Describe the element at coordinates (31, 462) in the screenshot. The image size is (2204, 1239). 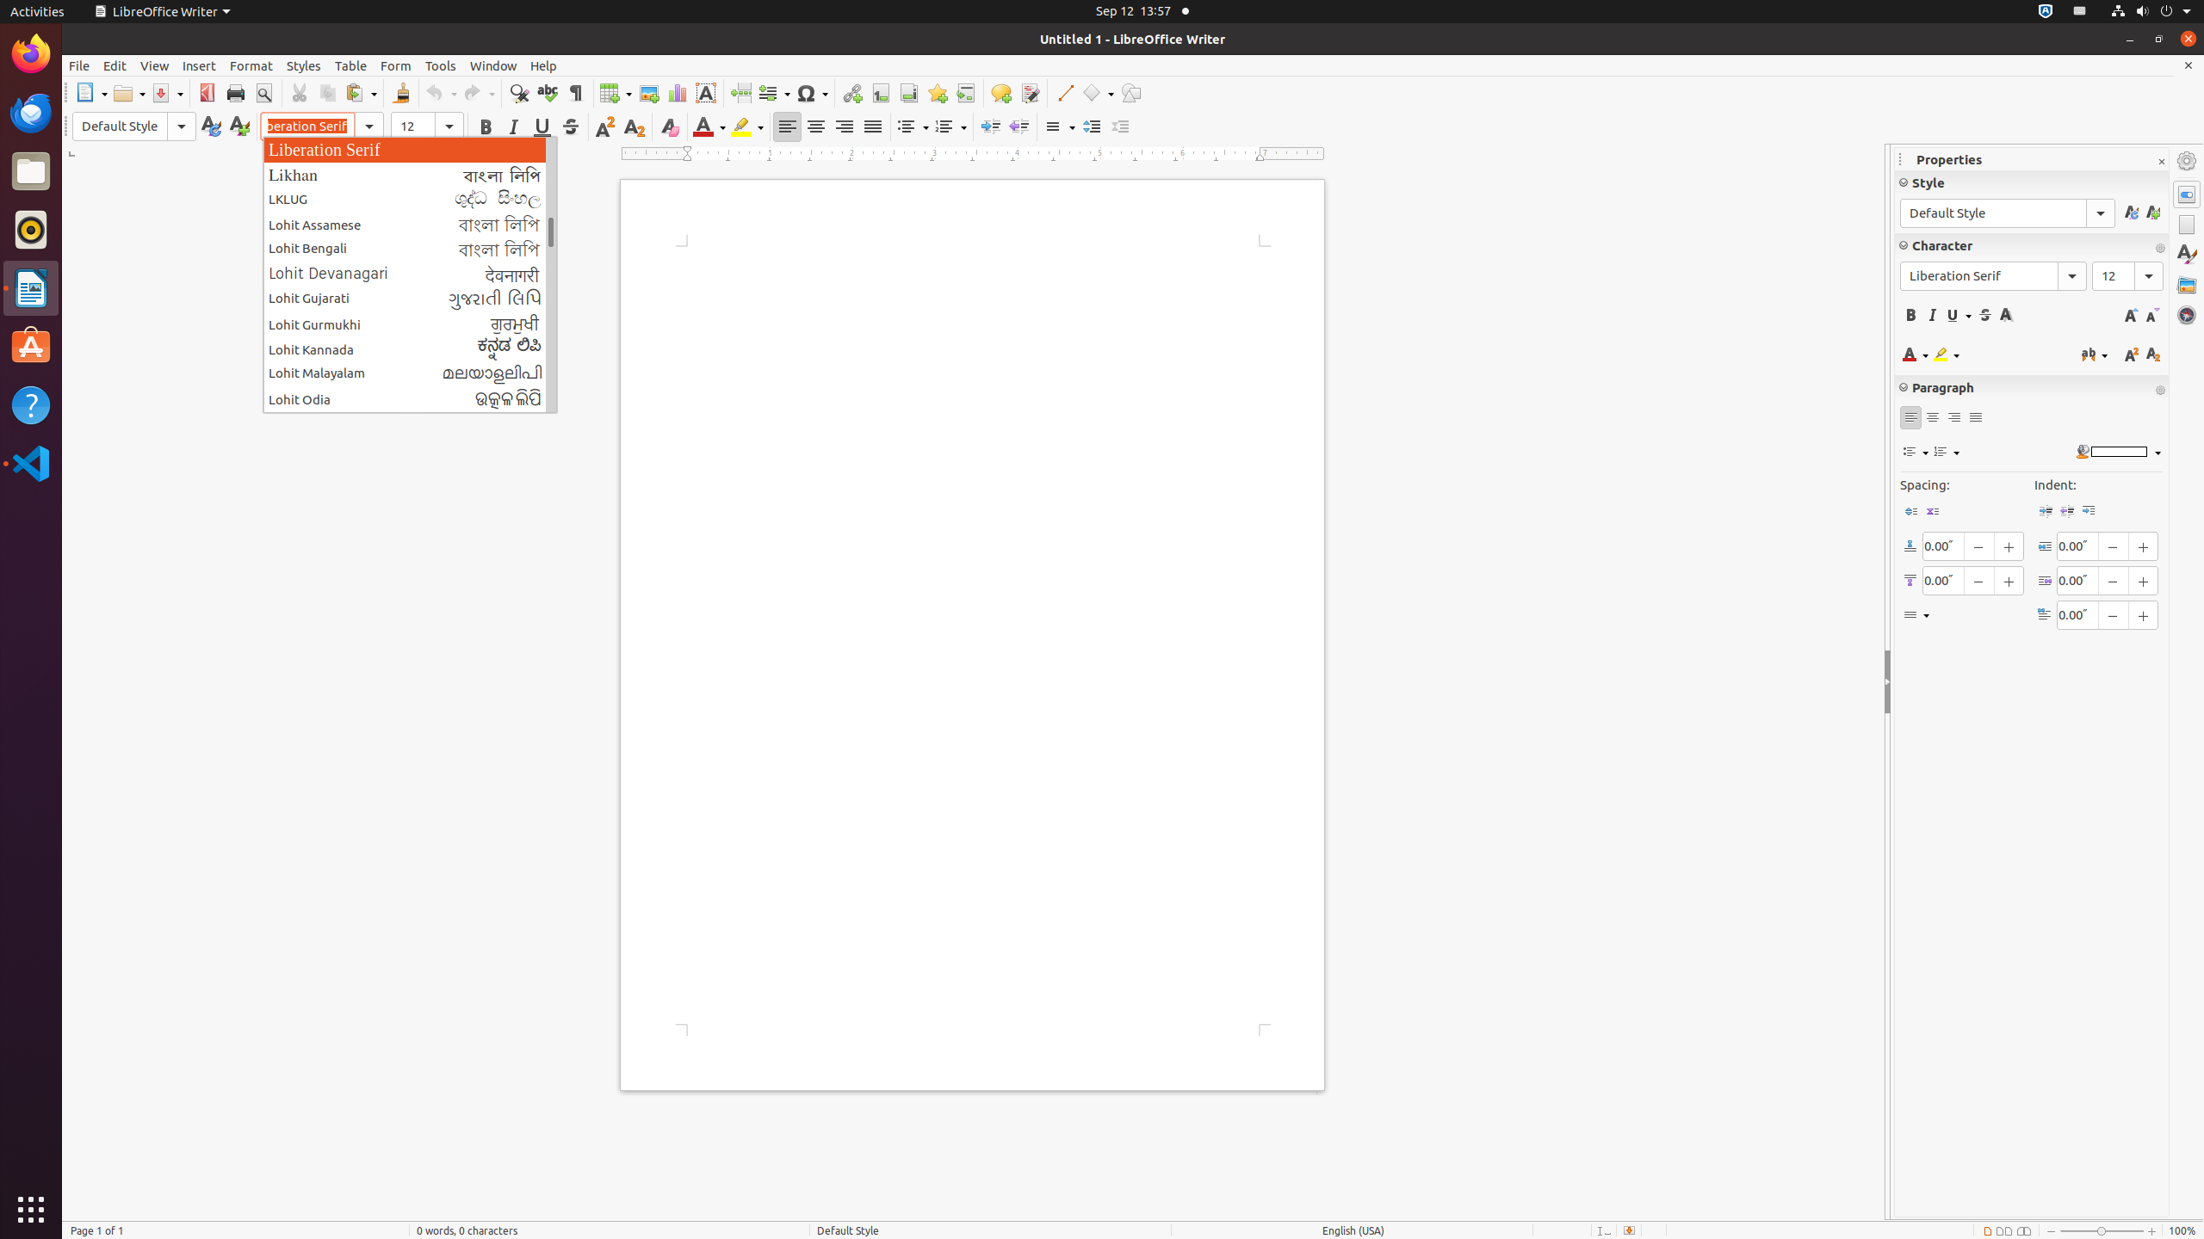
I see `'Visual Studio Code'` at that location.